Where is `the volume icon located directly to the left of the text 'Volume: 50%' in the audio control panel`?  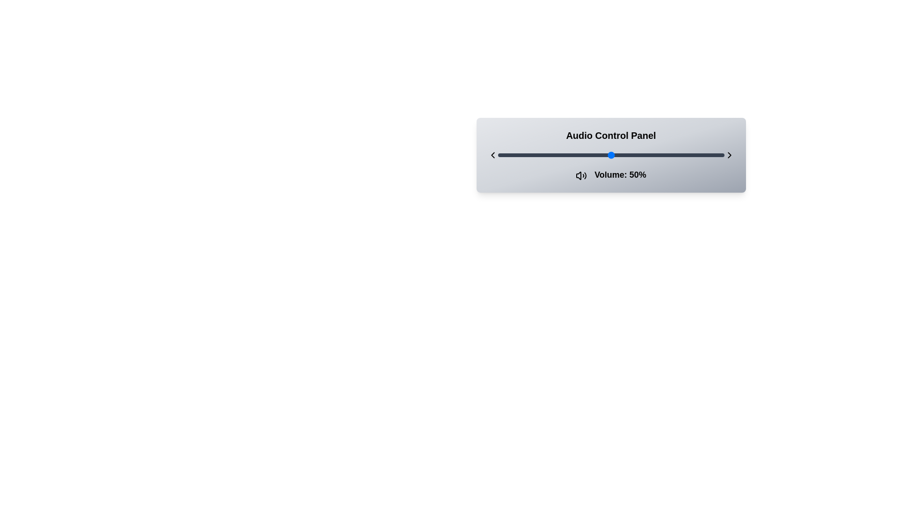
the volume icon located directly to the left of the text 'Volume: 50%' in the audio control panel is located at coordinates (581, 175).